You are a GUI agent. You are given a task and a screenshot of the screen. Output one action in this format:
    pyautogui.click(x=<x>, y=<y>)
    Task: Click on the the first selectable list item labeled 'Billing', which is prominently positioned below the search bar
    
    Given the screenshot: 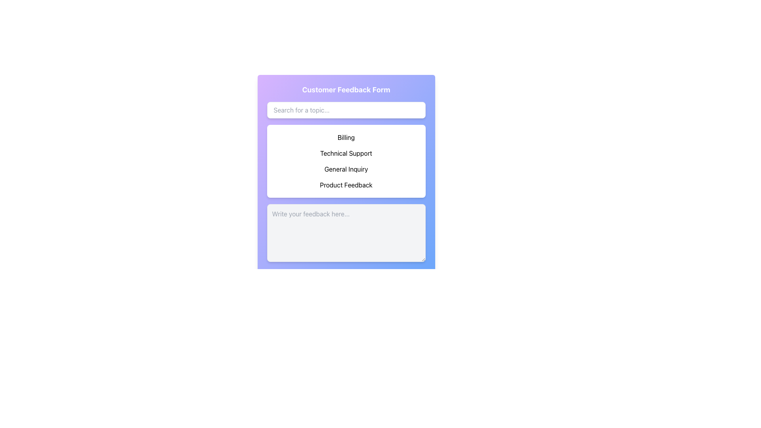 What is the action you would take?
    pyautogui.click(x=346, y=137)
    